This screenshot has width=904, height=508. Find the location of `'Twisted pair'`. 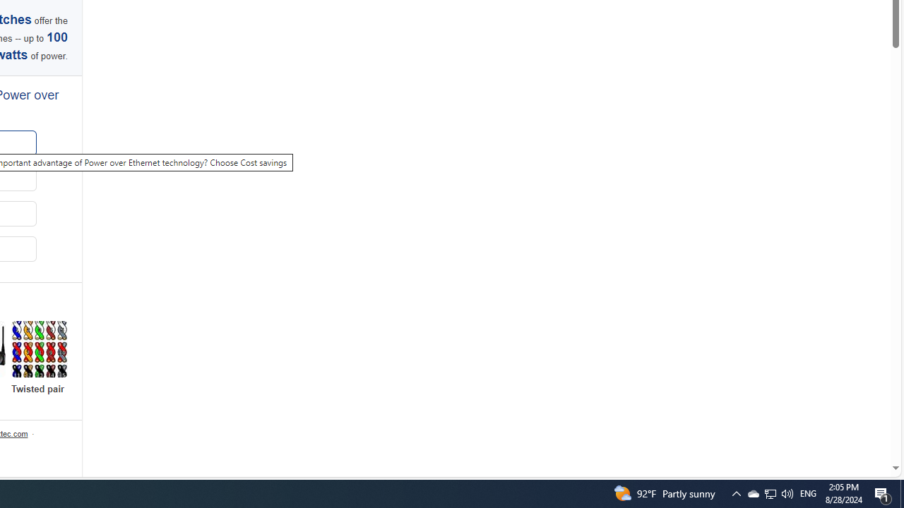

'Twisted pair' is located at coordinates (39, 357).